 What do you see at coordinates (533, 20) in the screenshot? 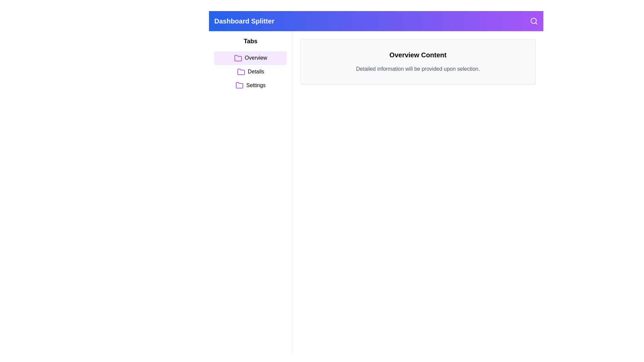
I see `the central decorative portion of the magnifying glass icon located at the top-right area of the application` at bounding box center [533, 20].